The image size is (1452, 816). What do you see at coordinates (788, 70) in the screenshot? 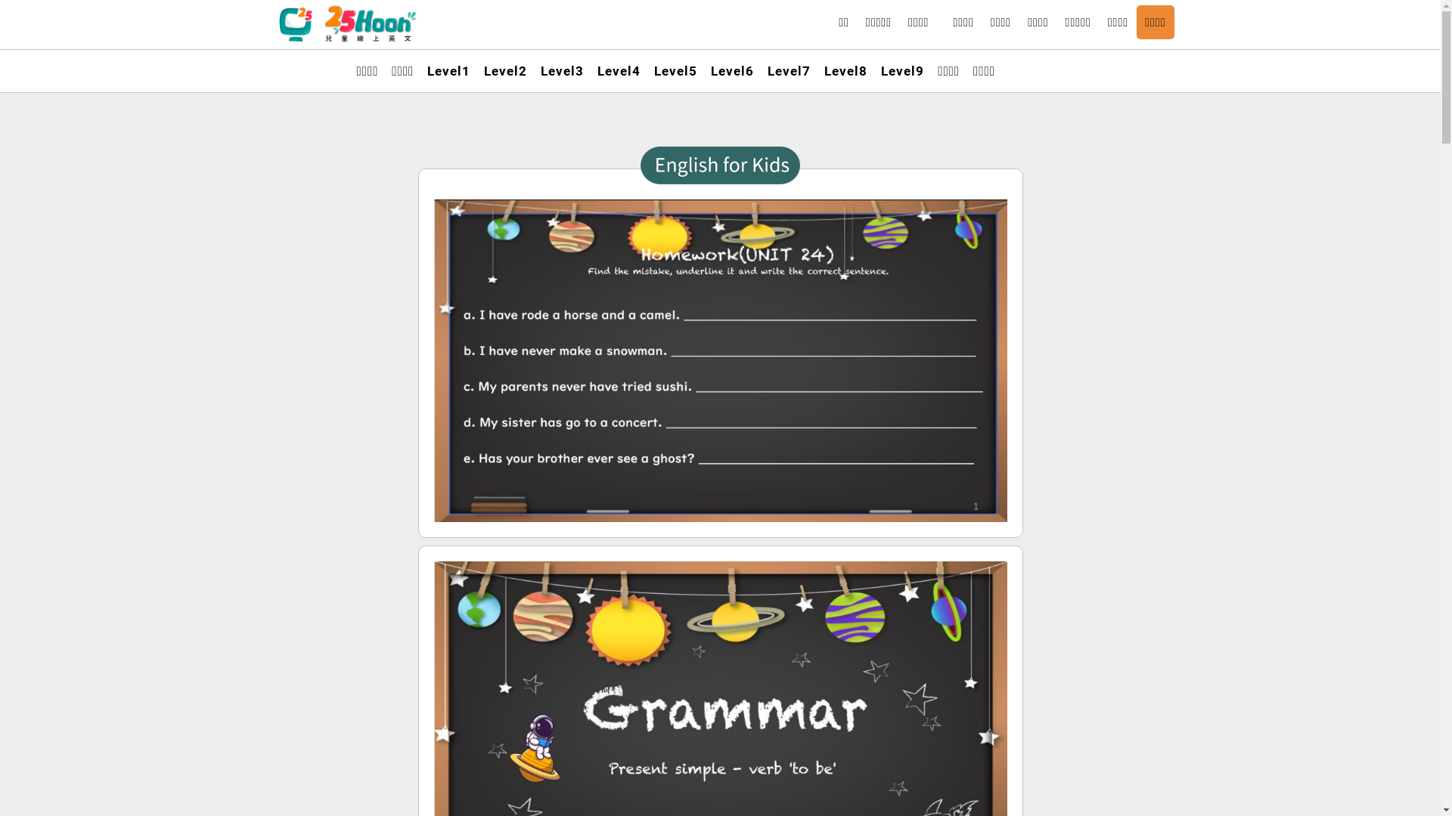
I see `'Level7'` at bounding box center [788, 70].